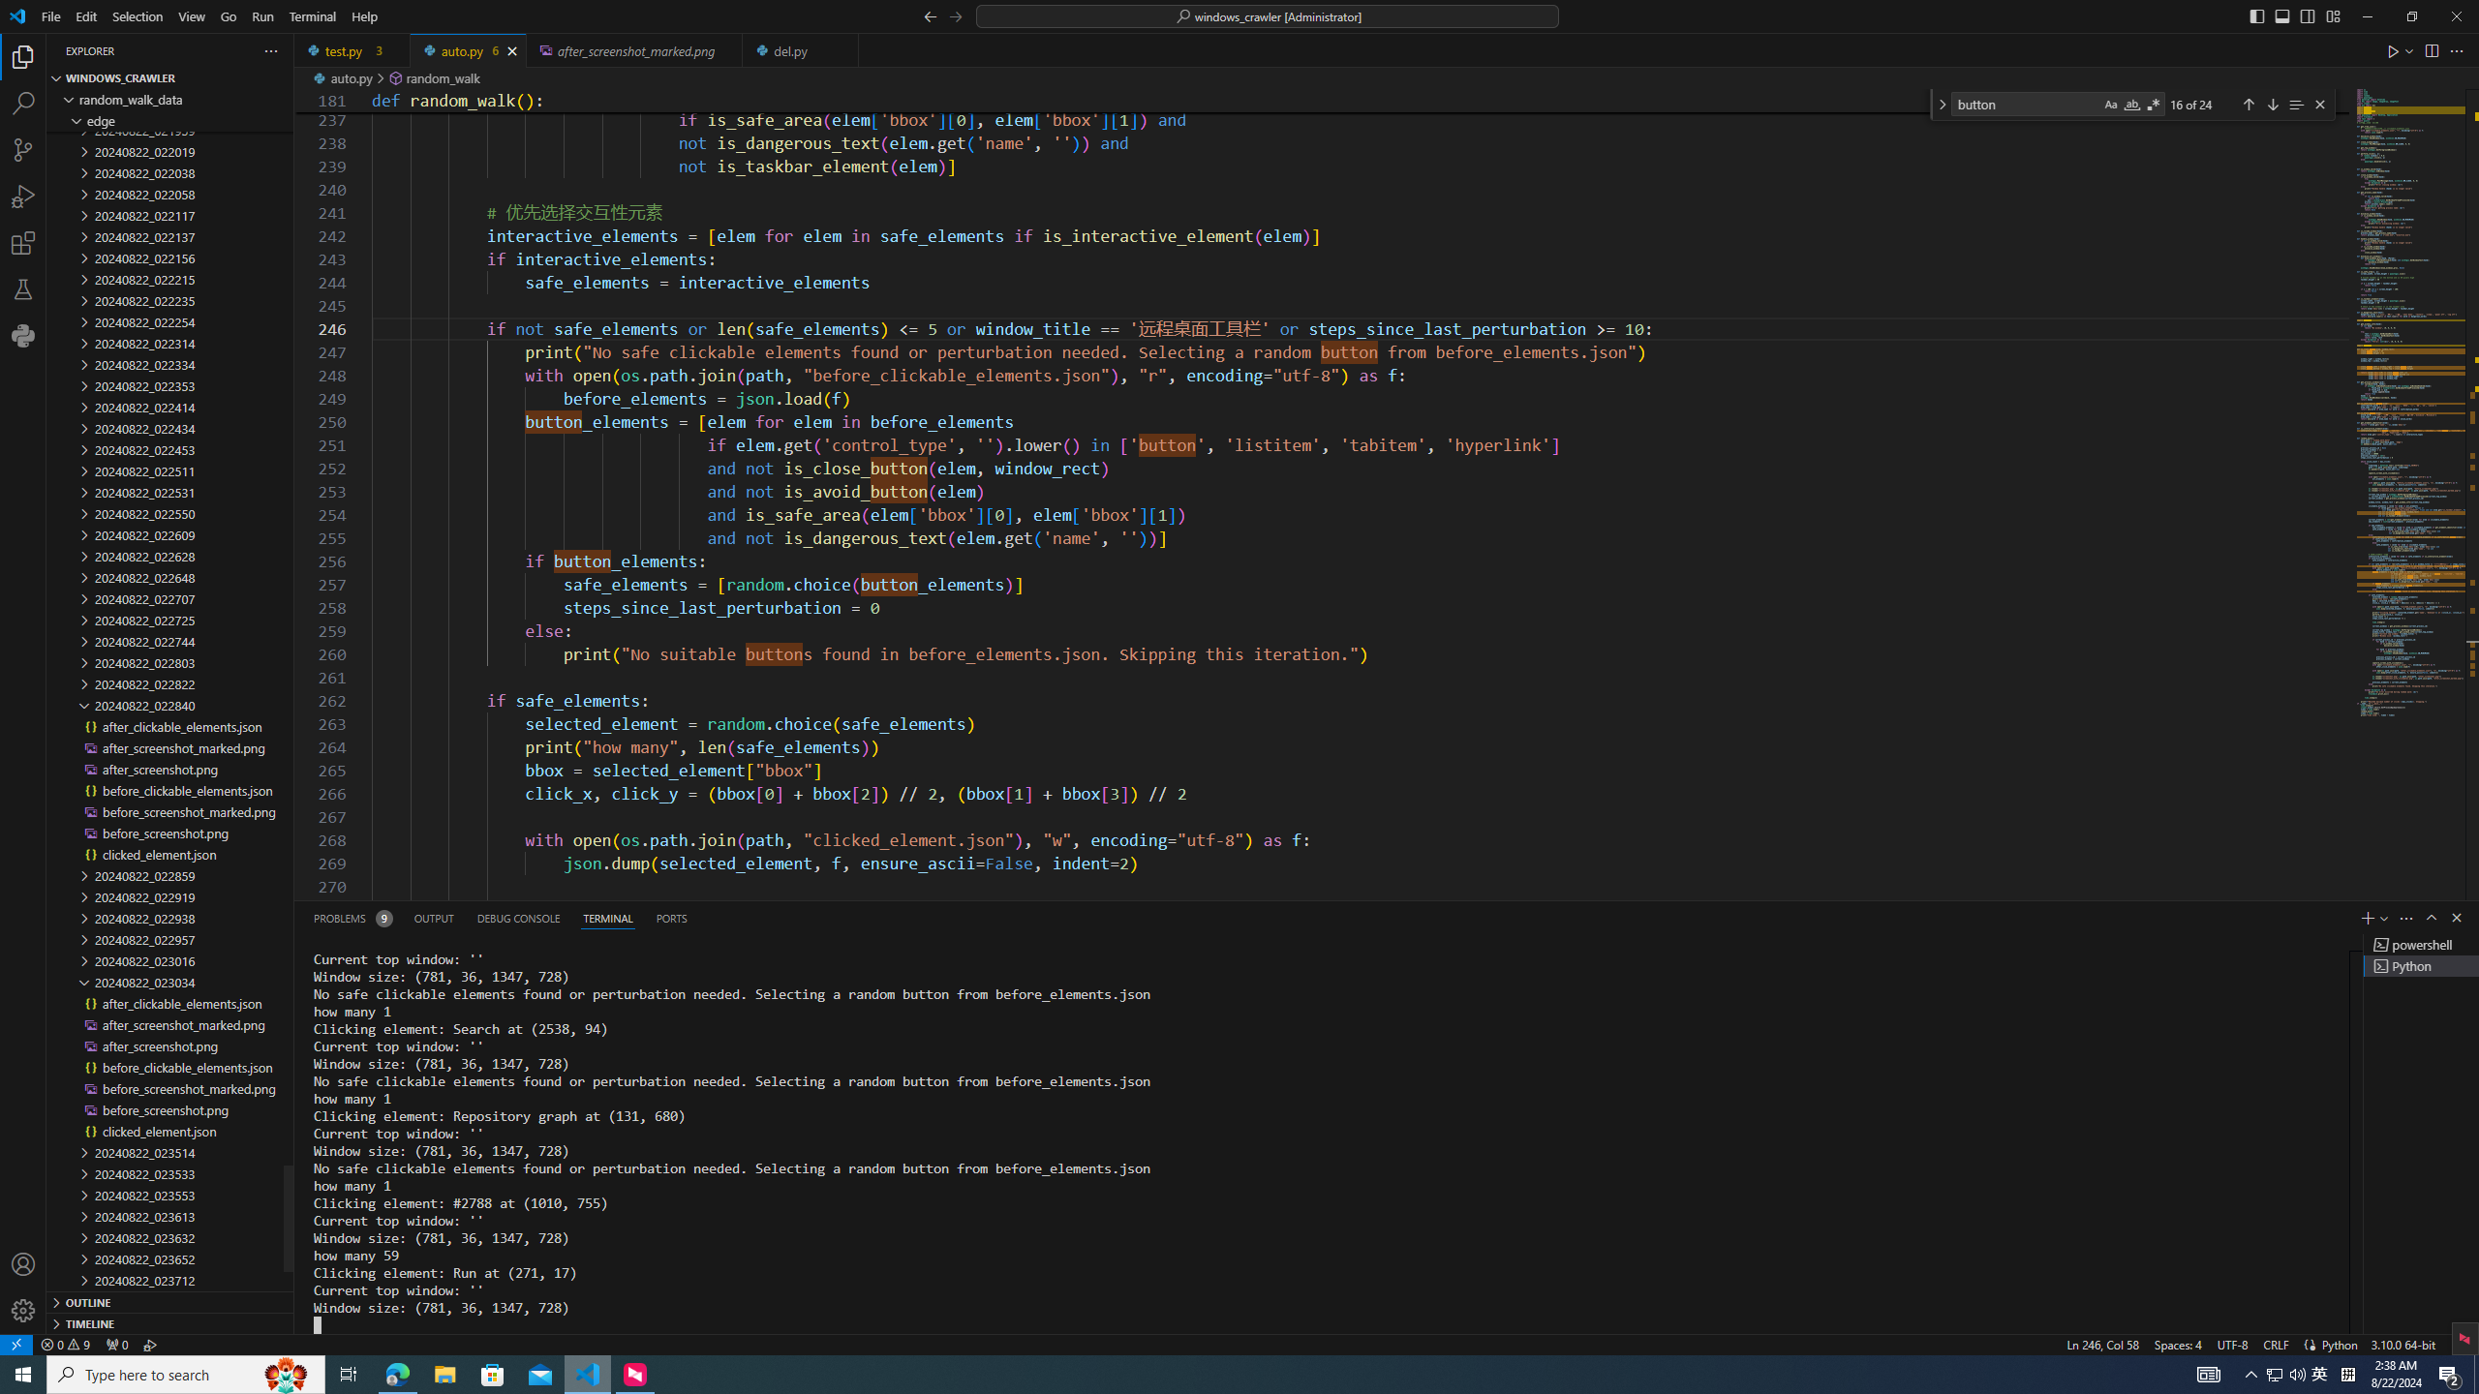  Describe the element at coordinates (50, 15) in the screenshot. I see `'File'` at that location.